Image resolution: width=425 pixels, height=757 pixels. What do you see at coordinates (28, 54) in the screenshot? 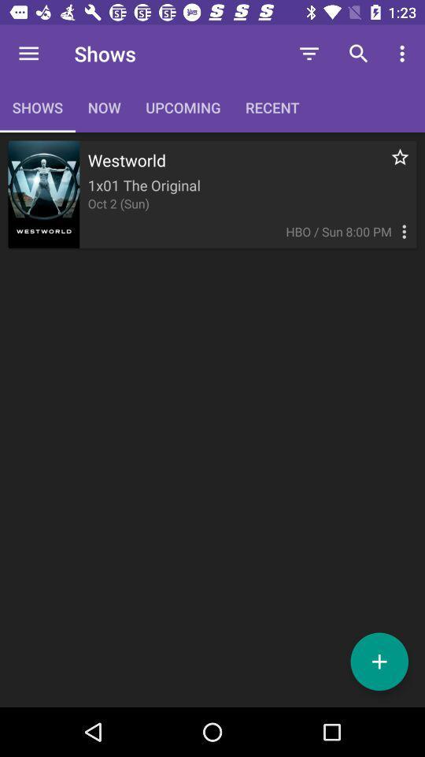
I see `item above shows icon` at bounding box center [28, 54].